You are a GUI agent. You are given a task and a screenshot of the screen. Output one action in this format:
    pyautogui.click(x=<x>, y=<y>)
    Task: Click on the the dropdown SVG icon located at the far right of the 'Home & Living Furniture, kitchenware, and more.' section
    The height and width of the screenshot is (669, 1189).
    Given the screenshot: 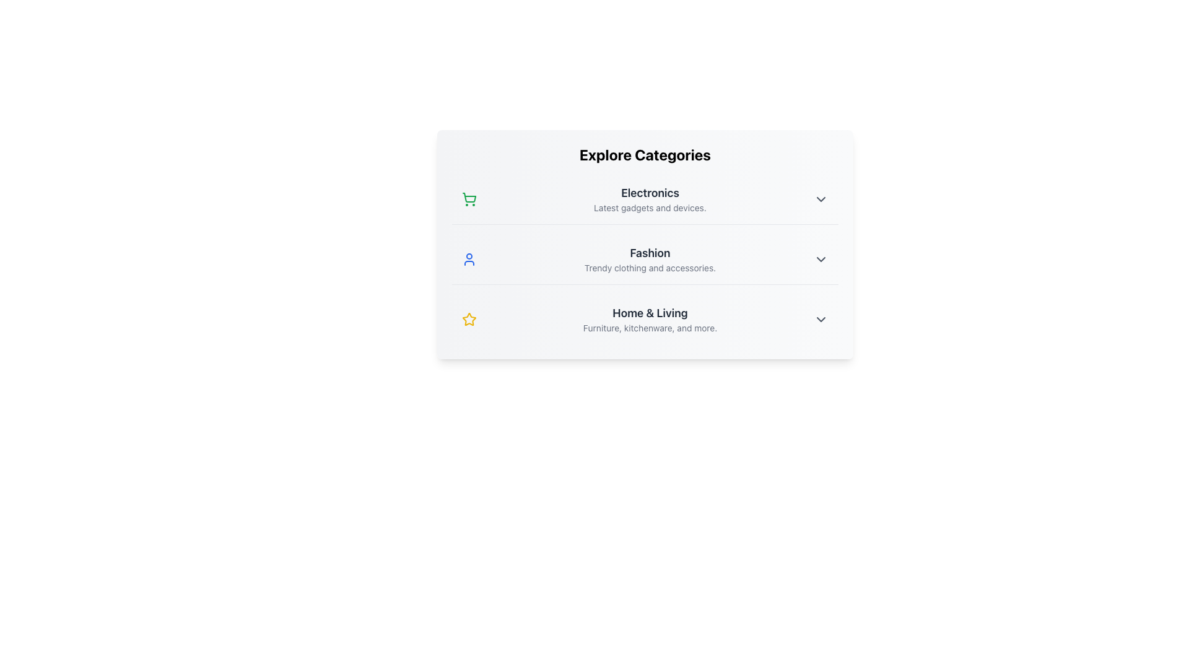 What is the action you would take?
    pyautogui.click(x=821, y=319)
    